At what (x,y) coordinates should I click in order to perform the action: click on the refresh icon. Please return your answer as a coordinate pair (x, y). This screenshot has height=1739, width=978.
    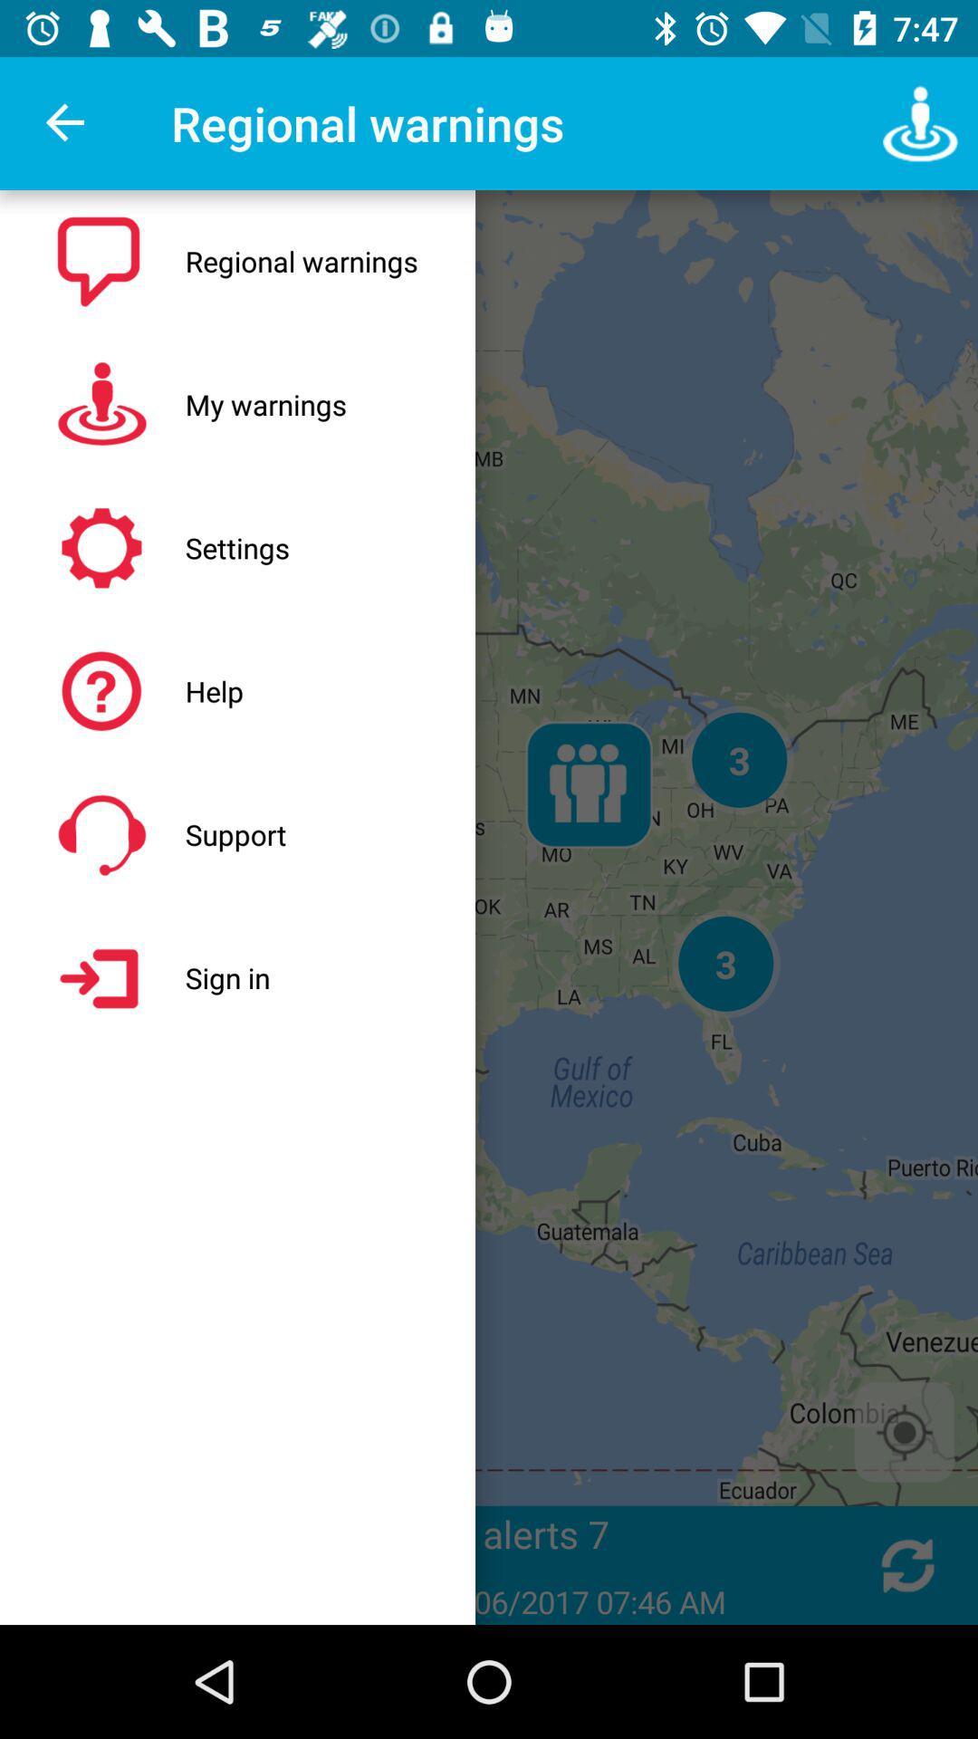
    Looking at the image, I should click on (907, 1564).